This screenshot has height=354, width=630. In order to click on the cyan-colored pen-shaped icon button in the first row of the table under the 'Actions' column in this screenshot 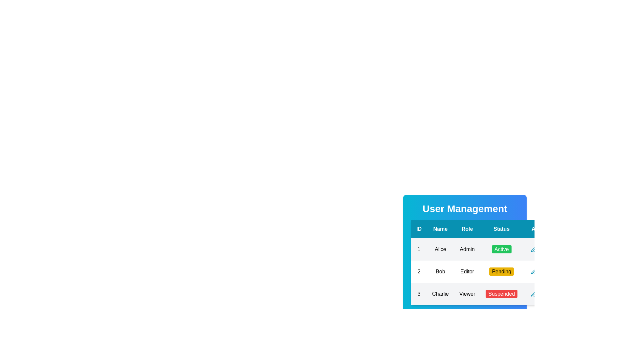, I will do `click(534, 249)`.